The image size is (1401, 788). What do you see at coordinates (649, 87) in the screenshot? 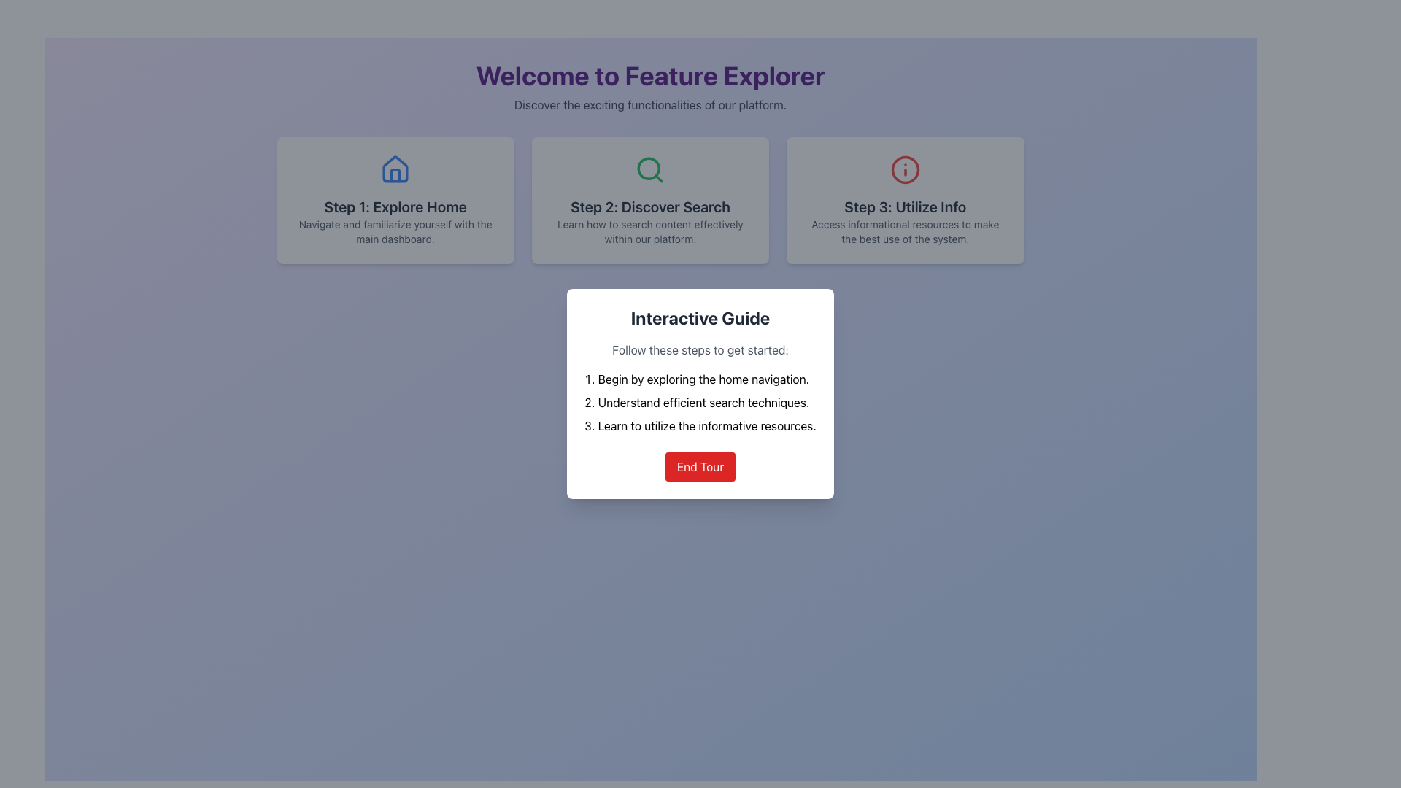
I see `the welcoming header located at the top of the Feature Explorer interface, which introduces the user to its purpose` at bounding box center [649, 87].